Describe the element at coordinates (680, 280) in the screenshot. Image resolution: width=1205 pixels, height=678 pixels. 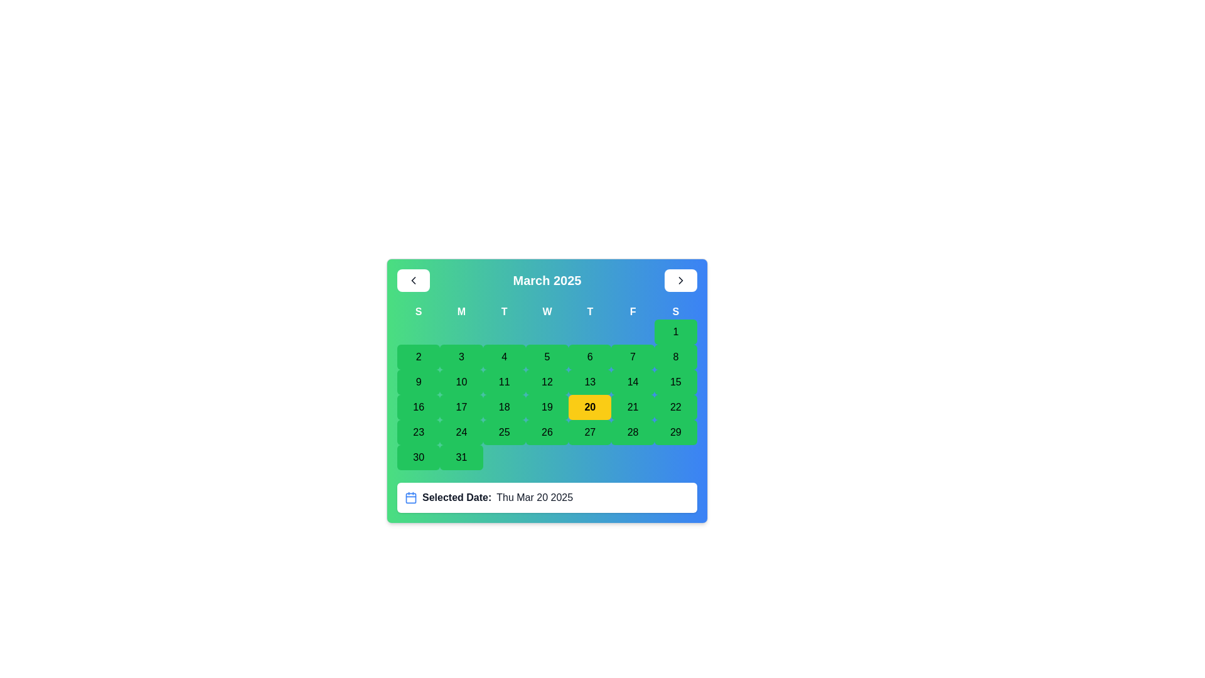
I see `the button located in the top-right corner of the calendar interface` at that location.